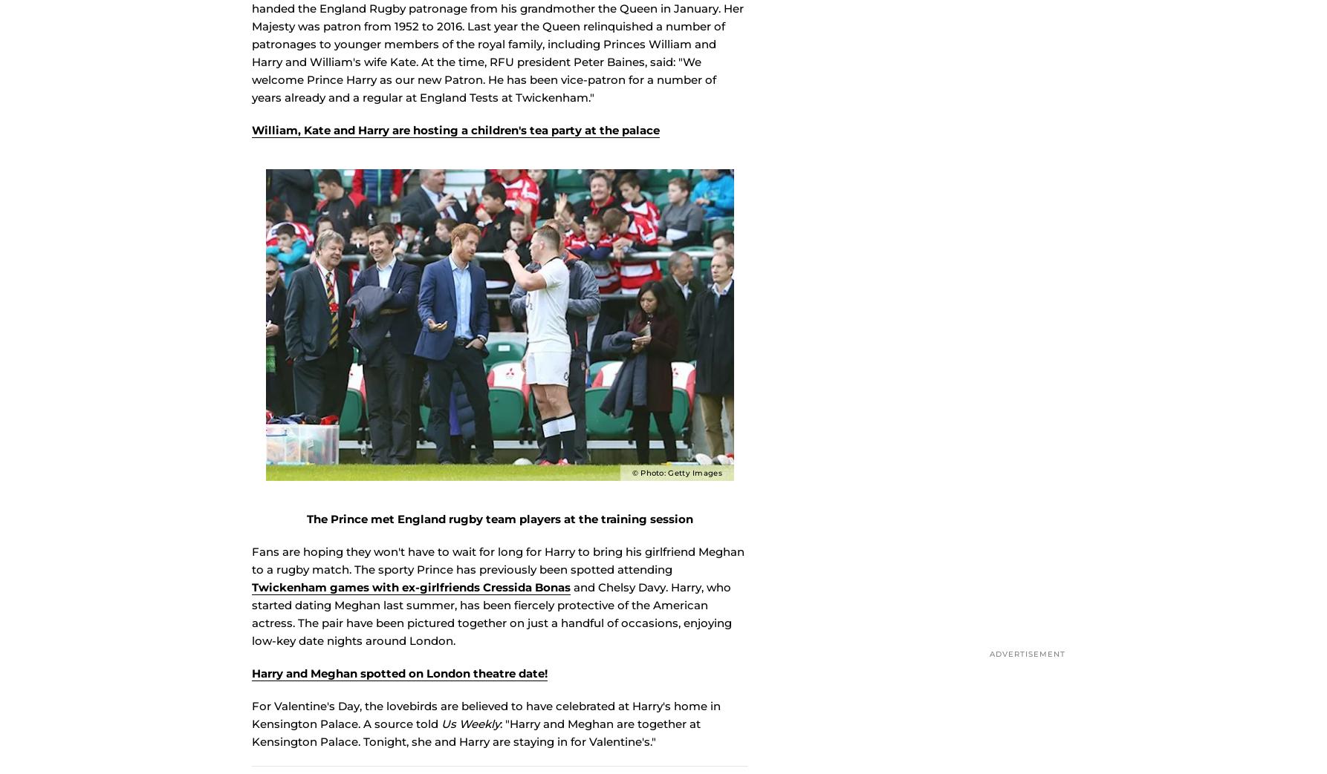  What do you see at coordinates (497, 66) in the screenshot?
I see `', was handed the England Rugby patronage from his grandmother the Queen in January. Her Majesty was patron from 1952 to 2016. Last year the Queen relinquished a number of patronages to younger members of the royal family, including Princes William and Harry and William's wife Kate. At the time, RFU president Peter Baines, said: "We welcome Prince Harry as our new Patron. He has been vice-patron for a number of years already and a regular at England Tests at Twickenham."'` at bounding box center [497, 66].